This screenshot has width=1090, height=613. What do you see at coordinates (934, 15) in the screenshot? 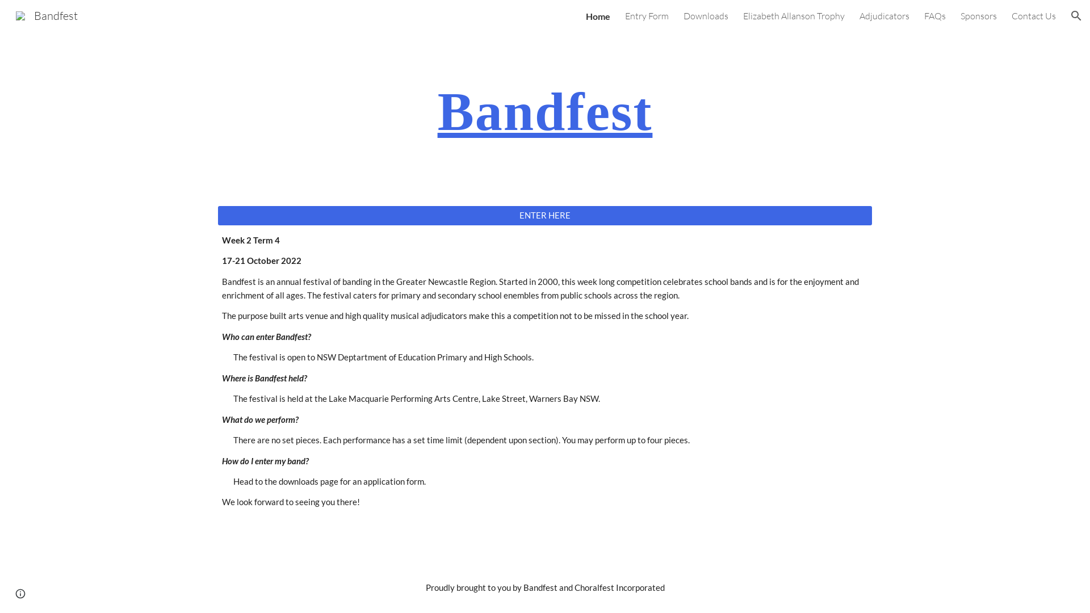
I see `'FAQs'` at bounding box center [934, 15].